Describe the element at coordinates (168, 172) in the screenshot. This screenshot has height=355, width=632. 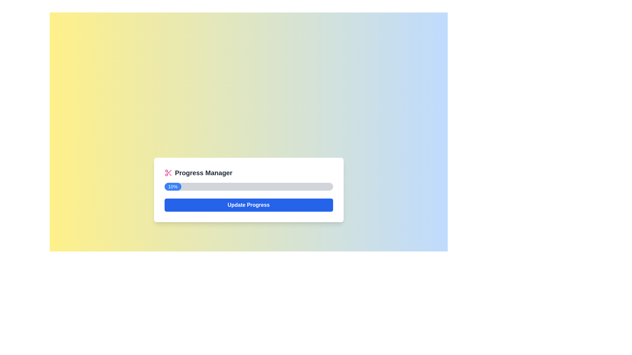
I see `the decorative icon representing the 'Progress Manager' section, which is centrally aligned with the header text` at that location.